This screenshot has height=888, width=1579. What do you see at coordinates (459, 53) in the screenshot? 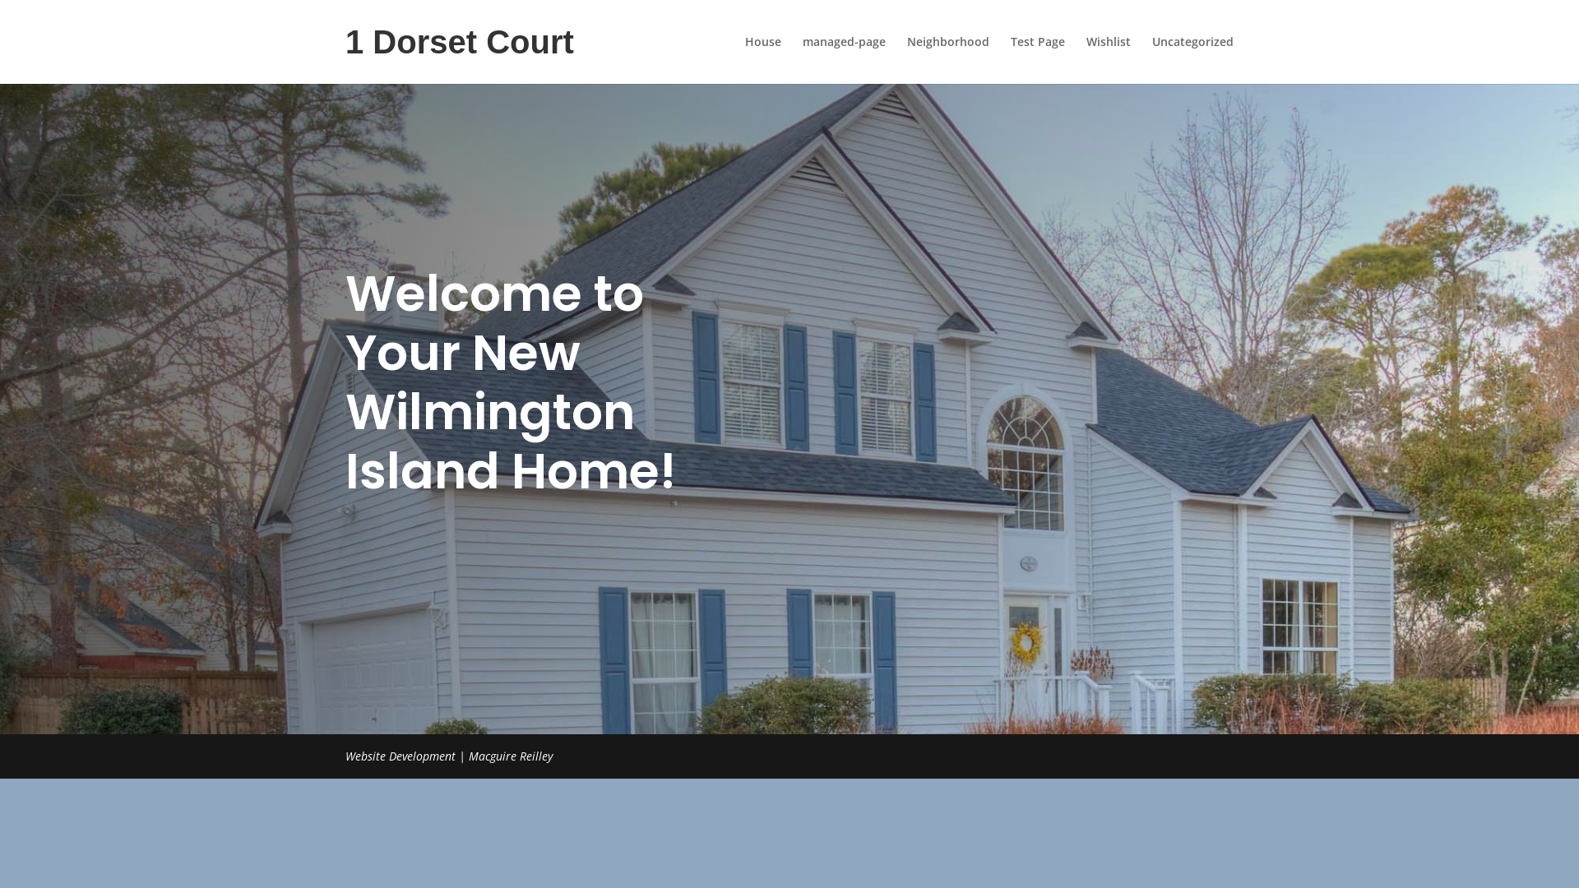
I see `'1 Dorset Court'` at bounding box center [459, 53].